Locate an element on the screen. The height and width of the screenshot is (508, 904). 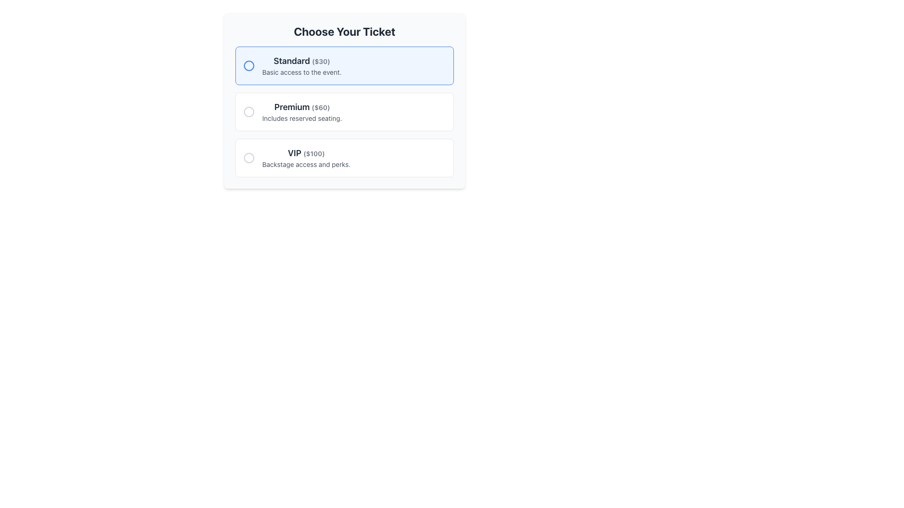
the text label that says 'Backstage access and perks.' which is located beneath the title 'VIP ($100)' in the selection card interface is located at coordinates (306, 164).